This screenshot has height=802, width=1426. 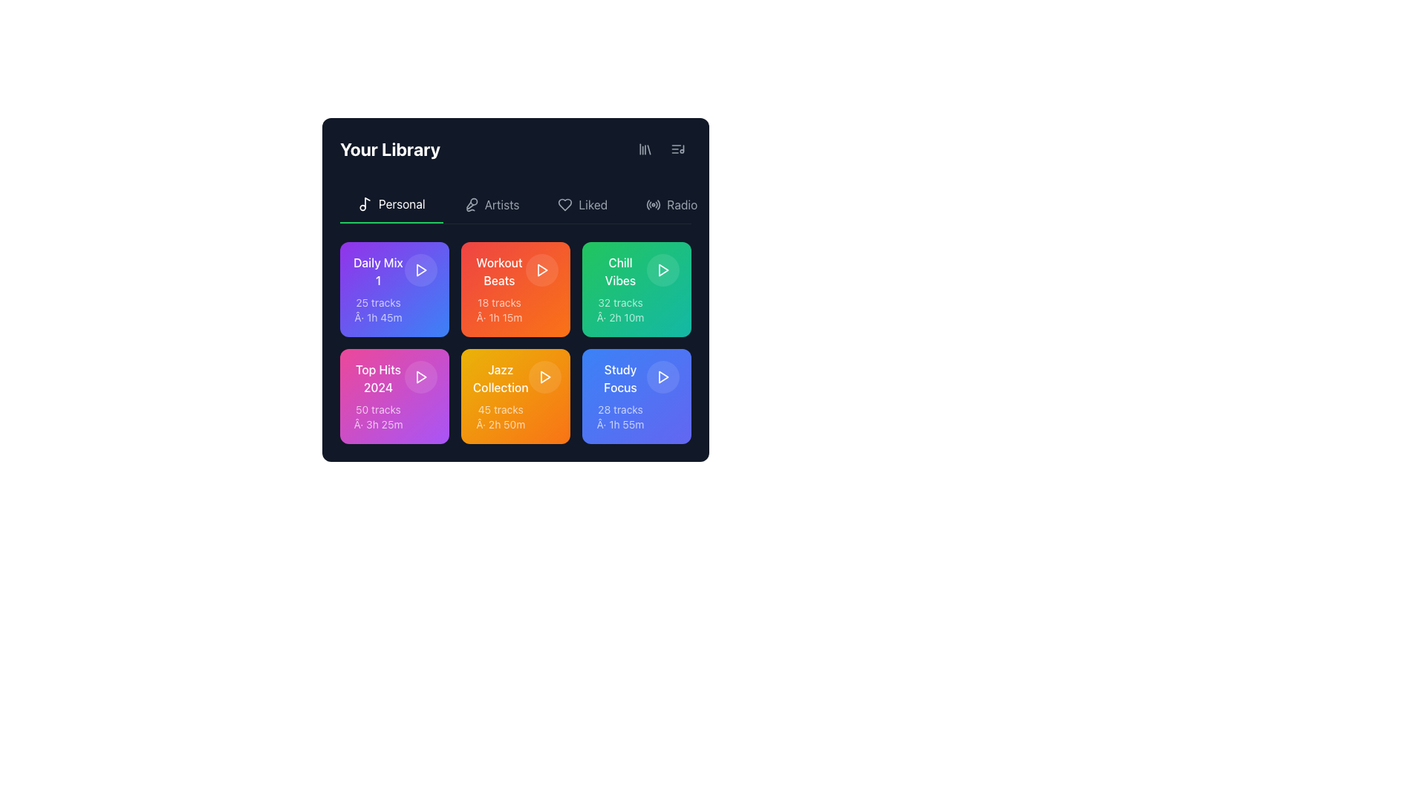 What do you see at coordinates (367, 203) in the screenshot?
I see `the musical note icon located in the navigation section near the beginning of the menu bar` at bounding box center [367, 203].